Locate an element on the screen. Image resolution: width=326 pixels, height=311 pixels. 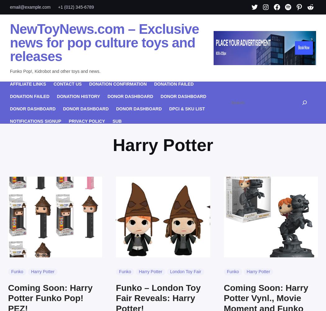
'Privacy Policy' is located at coordinates (68, 120).